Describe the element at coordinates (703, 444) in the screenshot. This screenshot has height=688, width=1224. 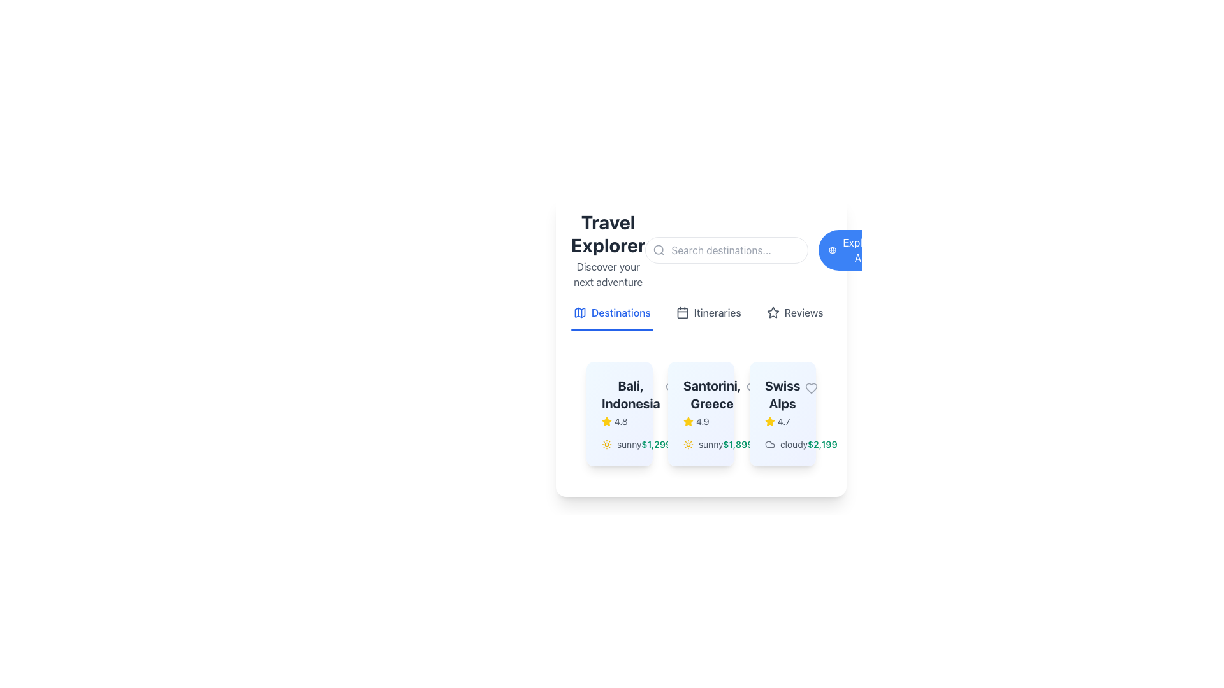
I see `the text label displaying 'sunny', which is styled in grey and located to the left of the price '$1,899' on the Santorini, Greece card` at that location.